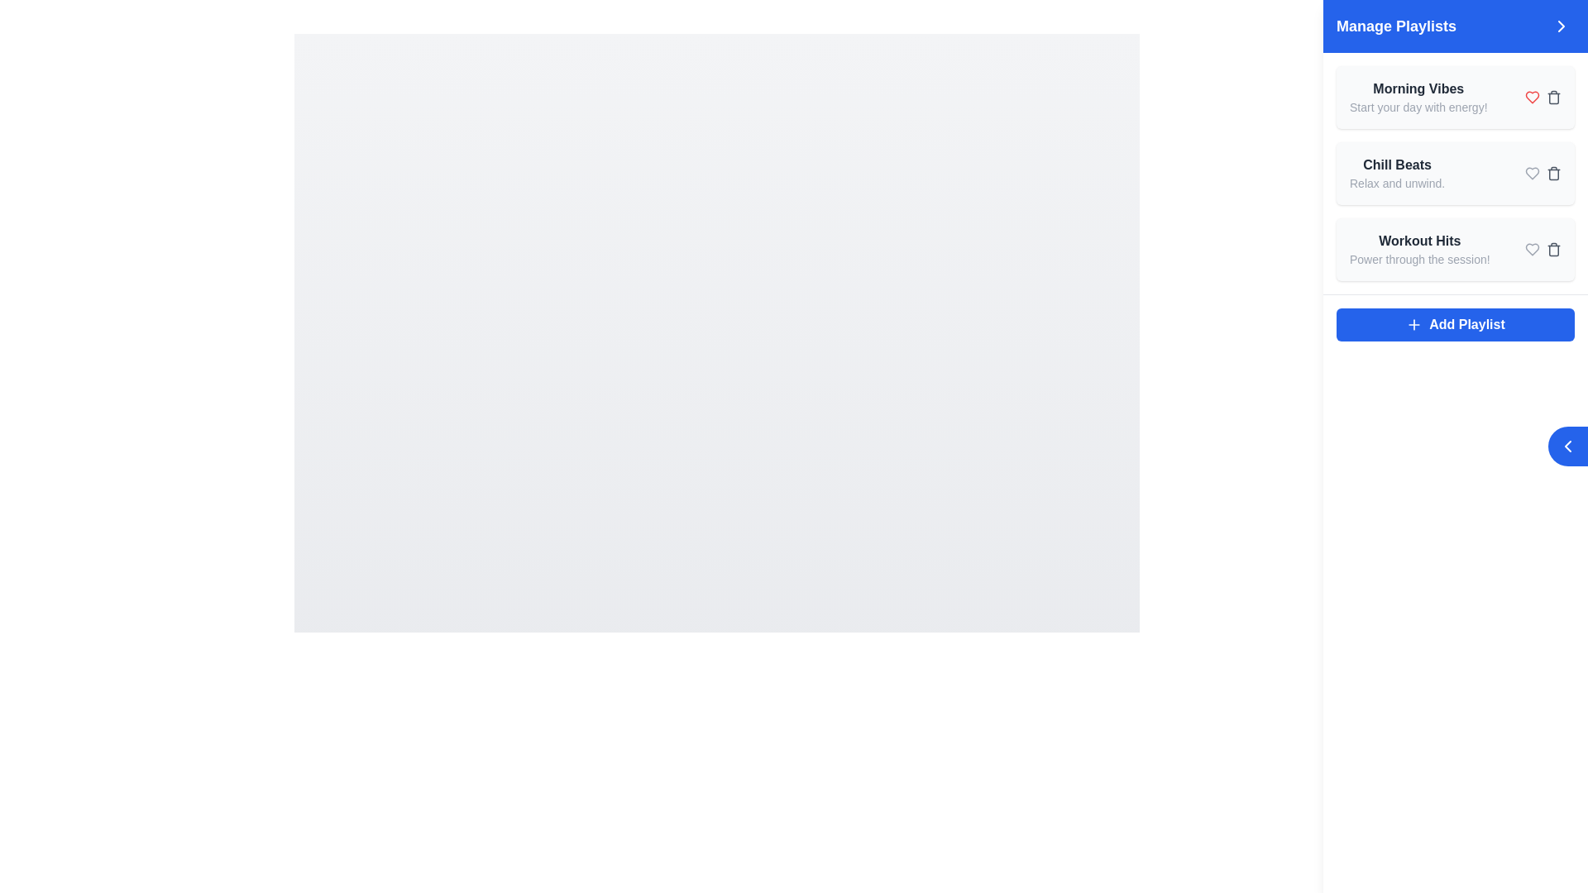 This screenshot has width=1588, height=893. What do you see at coordinates (1395, 26) in the screenshot?
I see `the bolded text label that reads 'Manage Playlists', prominently displayed at the top of the sidebar panel with a blue background` at bounding box center [1395, 26].